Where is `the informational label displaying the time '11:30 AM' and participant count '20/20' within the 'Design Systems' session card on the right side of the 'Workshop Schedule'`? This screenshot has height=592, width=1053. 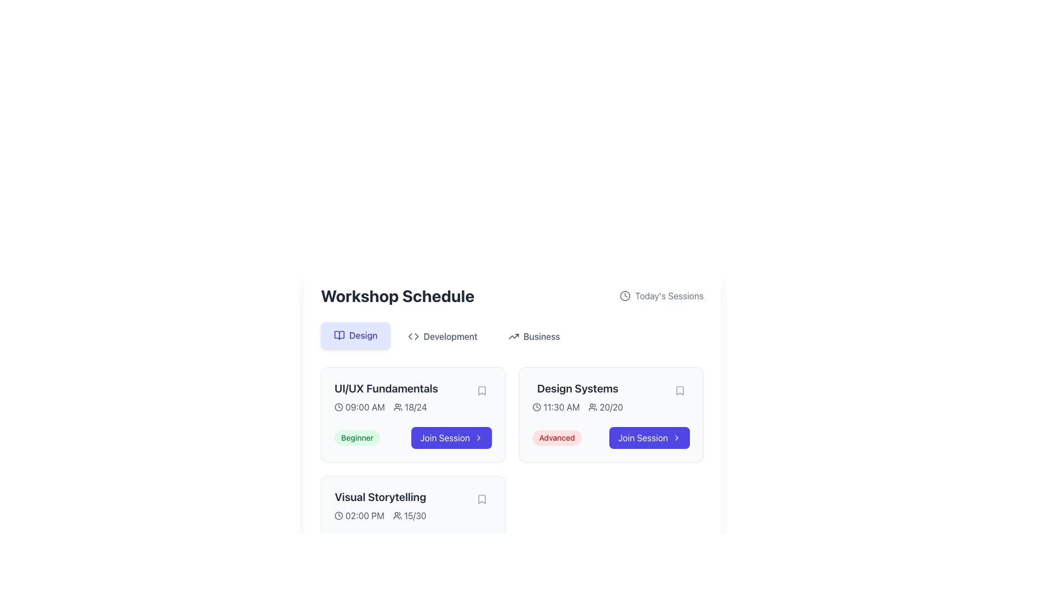 the informational label displaying the time '11:30 AM' and participant count '20/20' within the 'Design Systems' session card on the right side of the 'Workshop Schedule' is located at coordinates (577, 407).